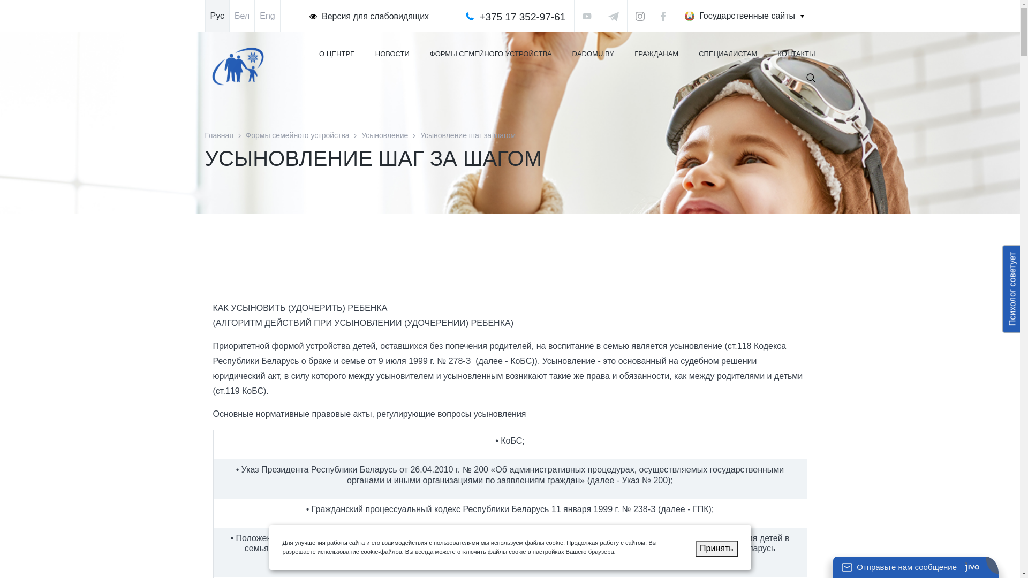 The image size is (1028, 578). I want to click on 'Eng', so click(267, 16).